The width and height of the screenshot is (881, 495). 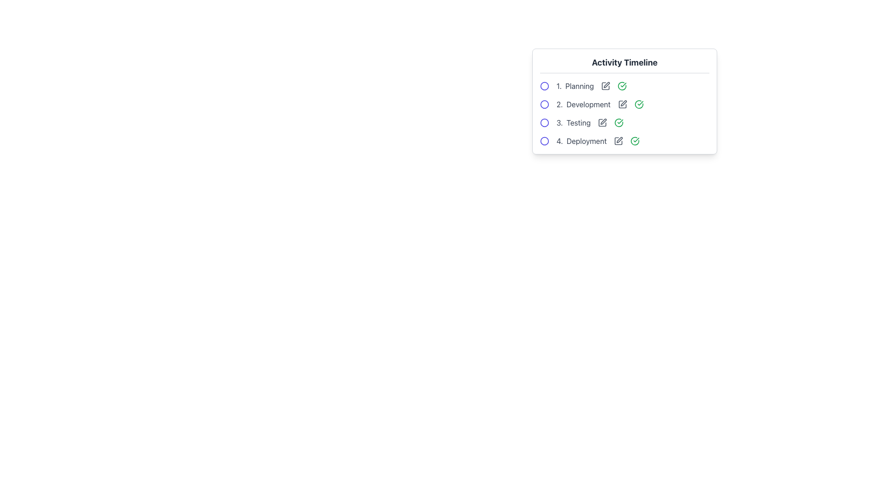 I want to click on the pen icon for editing in the 'Planning' row of the 'Activity Timeline' interface, so click(x=619, y=140).